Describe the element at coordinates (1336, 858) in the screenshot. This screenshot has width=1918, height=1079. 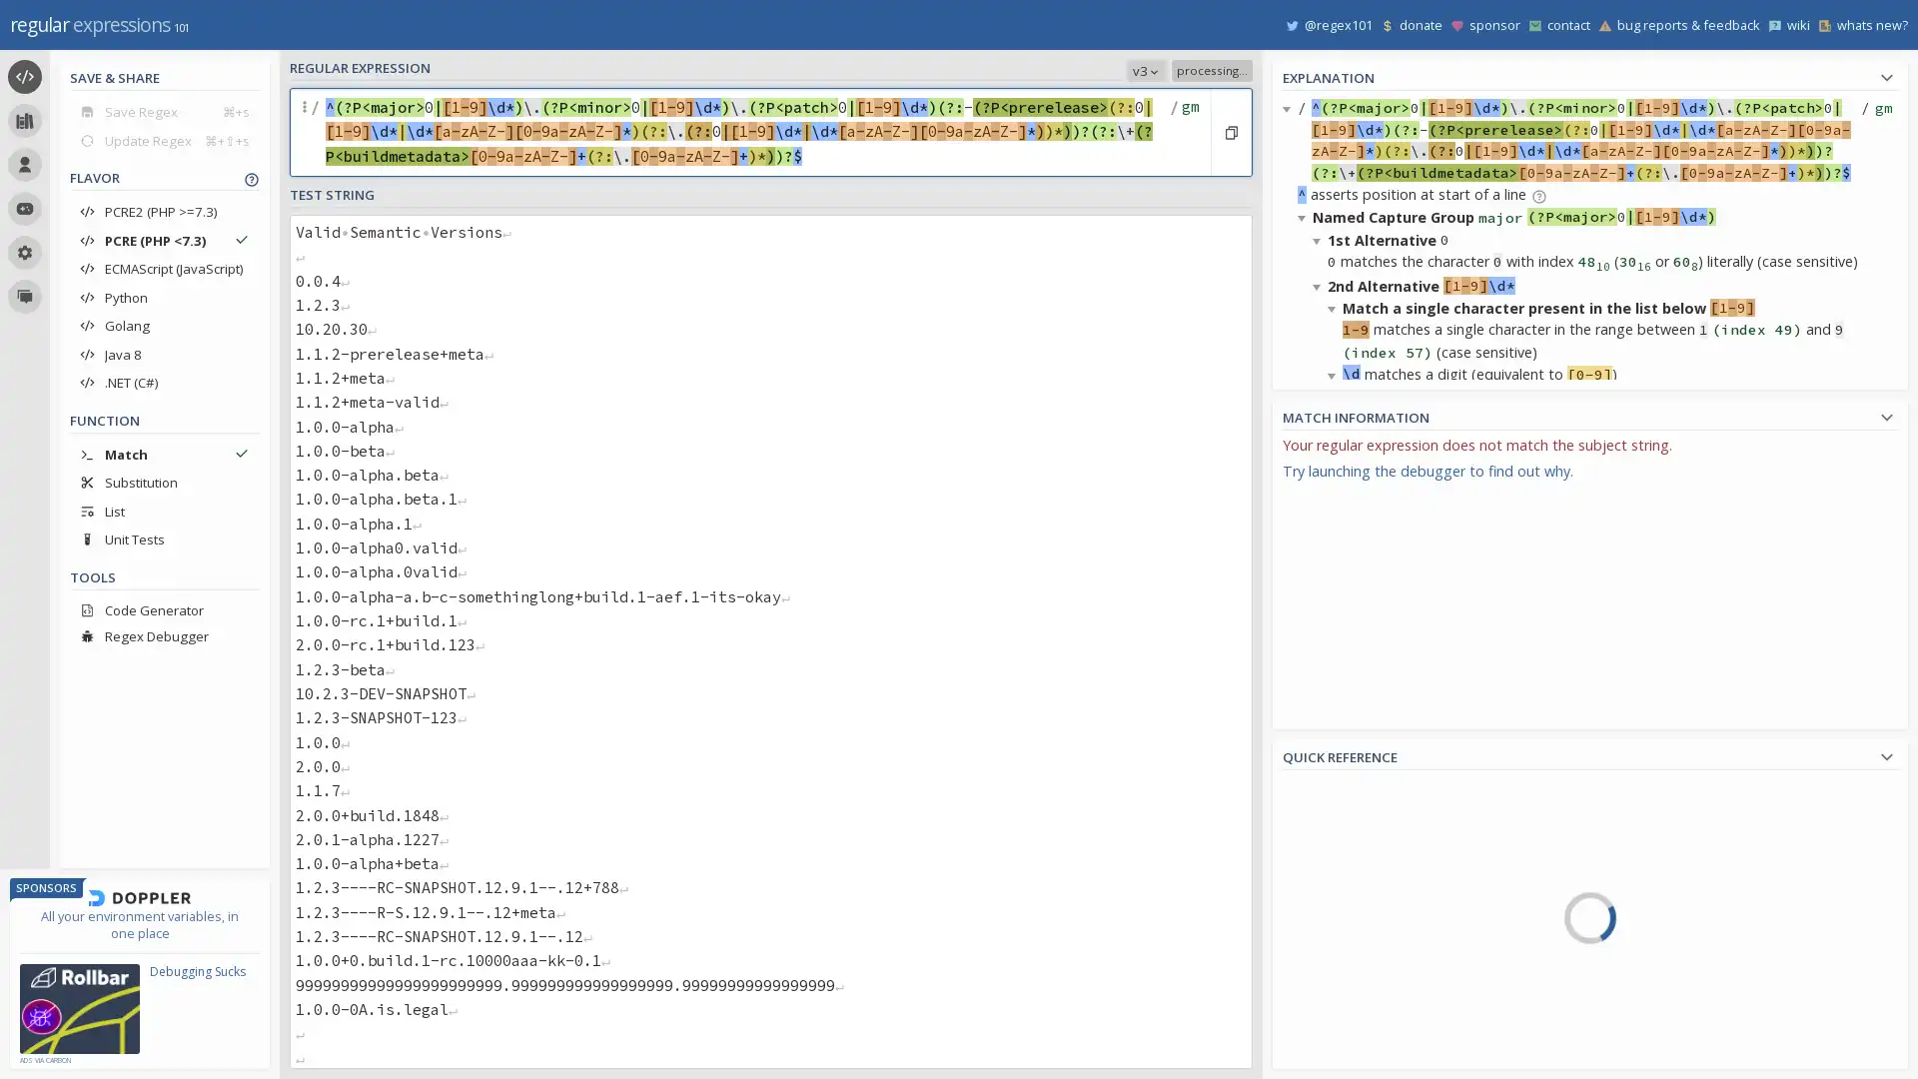
I see `Group minor` at that location.